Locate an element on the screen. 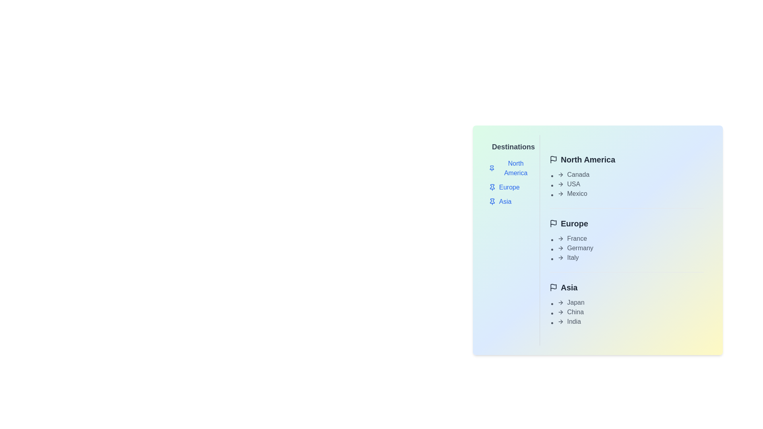 This screenshot has height=429, width=763. the blue pin icon located to the left of the text 'Europe' in the vertically arranged list of destinations is located at coordinates (492, 187).